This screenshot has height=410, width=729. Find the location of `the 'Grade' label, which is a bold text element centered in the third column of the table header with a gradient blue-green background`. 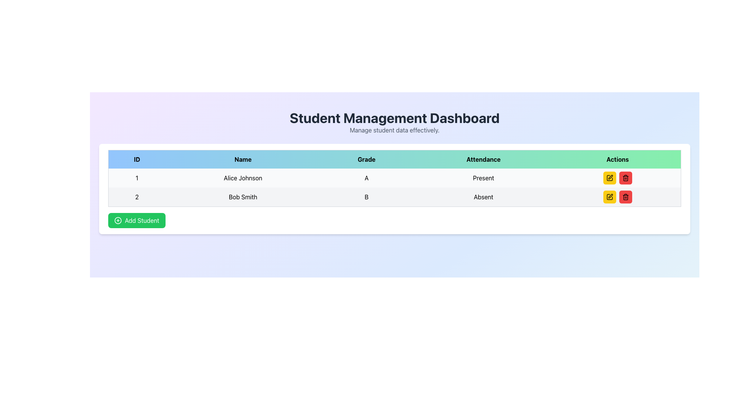

the 'Grade' label, which is a bold text element centered in the third column of the table header with a gradient blue-green background is located at coordinates (366, 159).